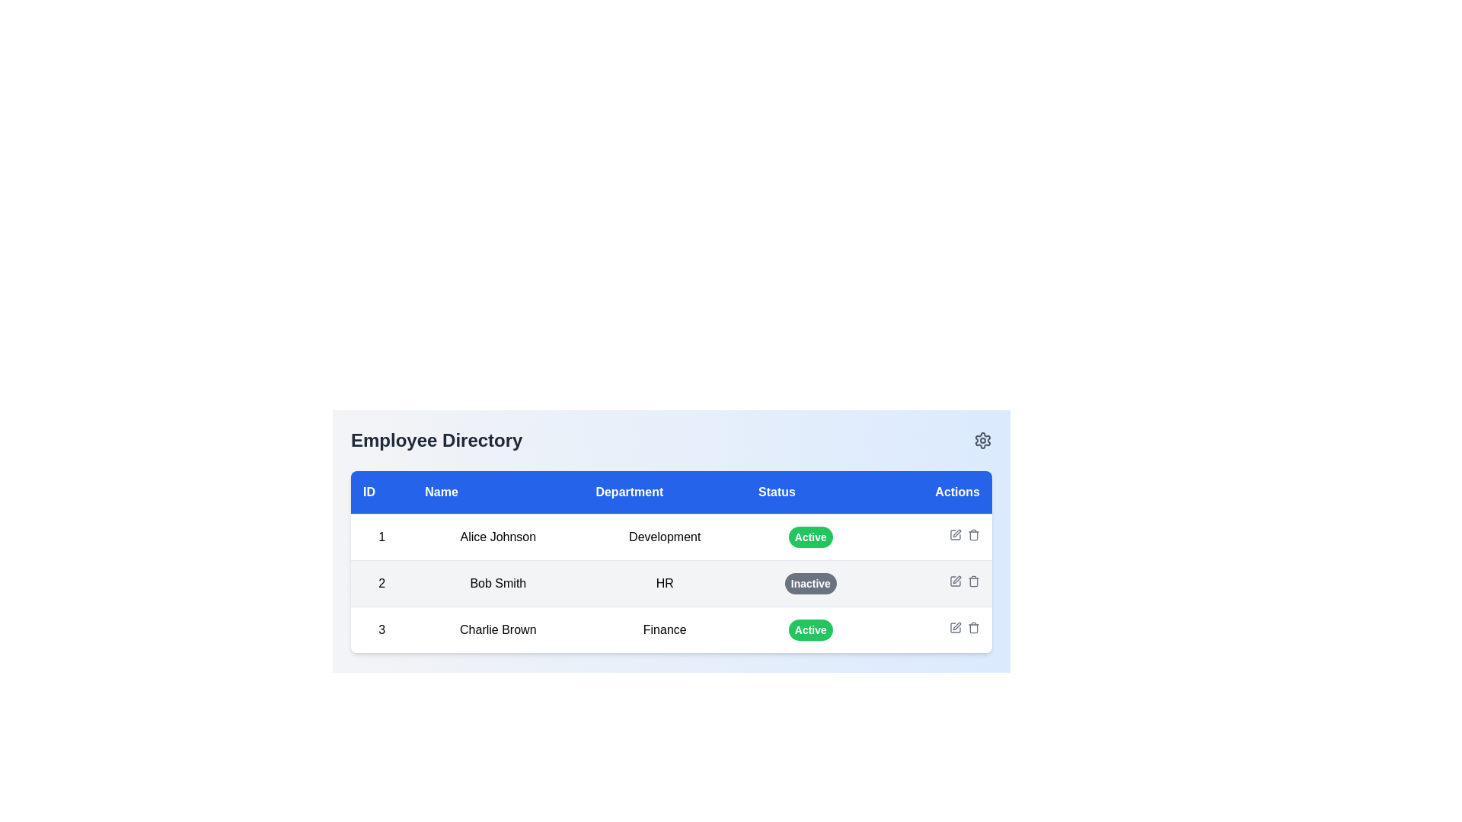 Image resolution: width=1462 pixels, height=822 pixels. I want to click on the table row containing details about 'Bob Smith' in the Employee Directory, which is the second row in the table, so click(671, 562).